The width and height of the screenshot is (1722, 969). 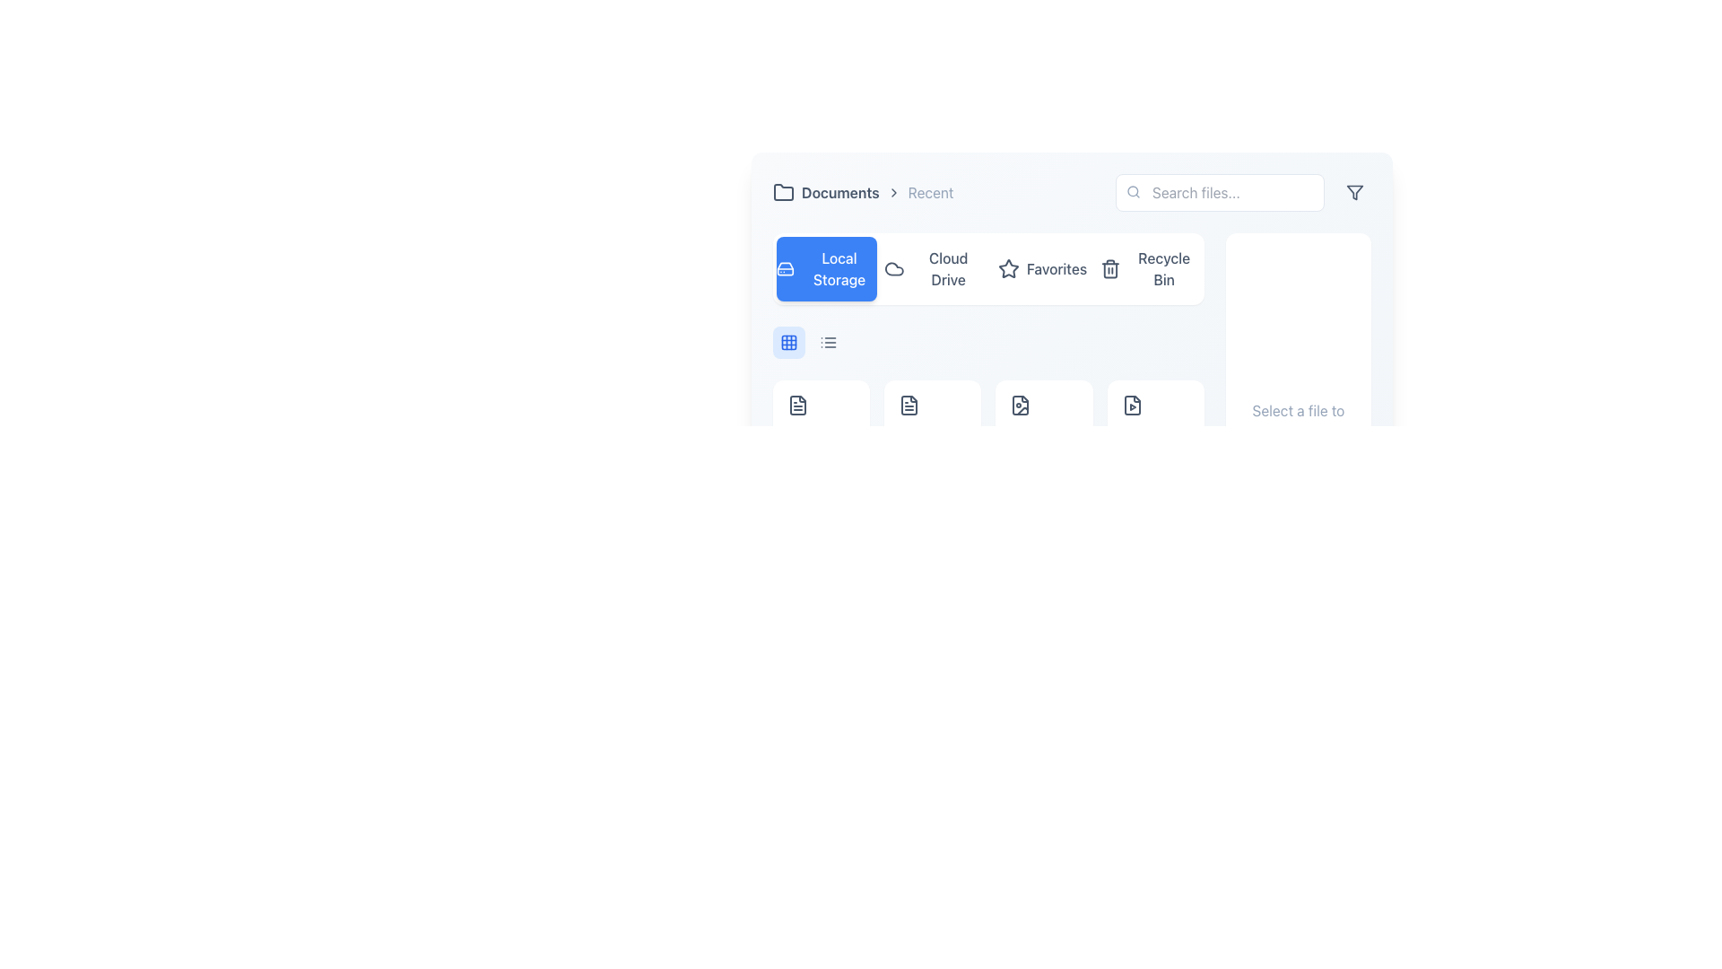 I want to click on the 'Recycle Bin' button, which is the fourth navigation button featuring a trash bin icon and a modern design, to activate its hover effect, so click(x=1150, y=269).